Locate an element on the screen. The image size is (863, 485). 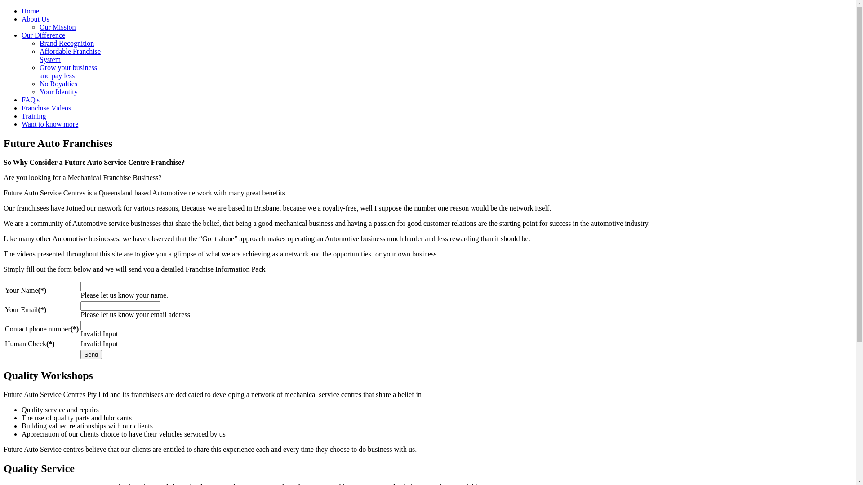
'Our Difference' is located at coordinates (43, 35).